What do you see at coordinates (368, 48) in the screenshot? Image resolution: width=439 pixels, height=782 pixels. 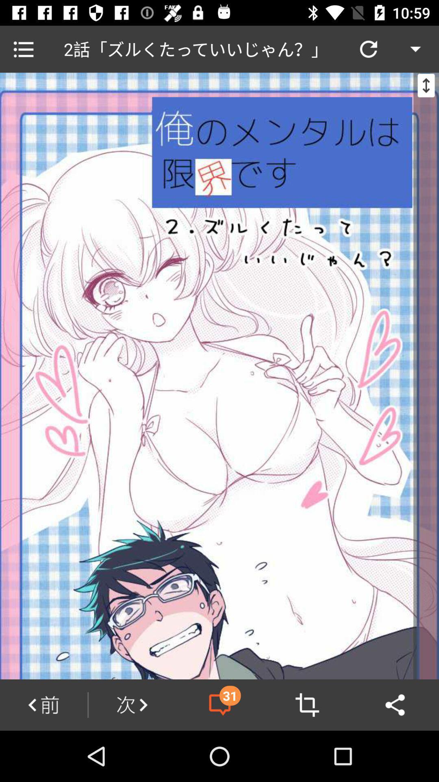 I see `the refresh icon` at bounding box center [368, 48].